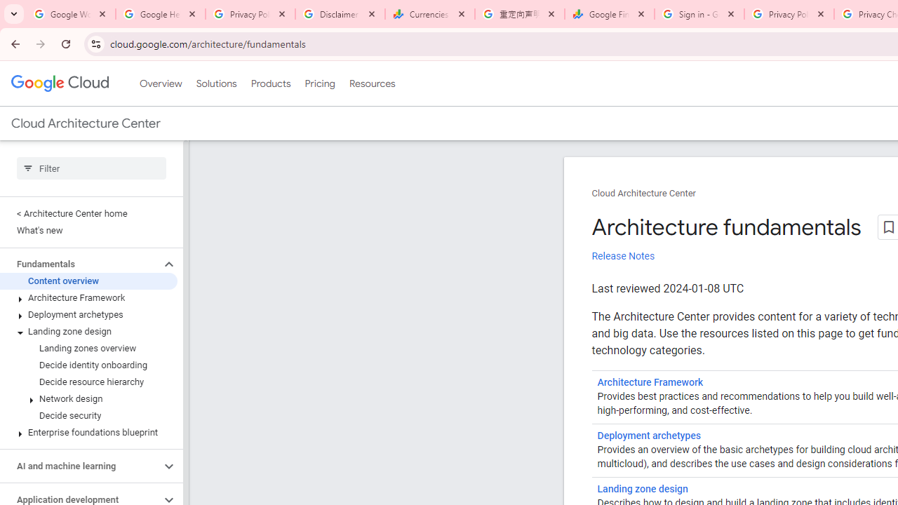 This screenshot has width=898, height=505. What do you see at coordinates (650, 382) in the screenshot?
I see `'Architecture Framework'` at bounding box center [650, 382].